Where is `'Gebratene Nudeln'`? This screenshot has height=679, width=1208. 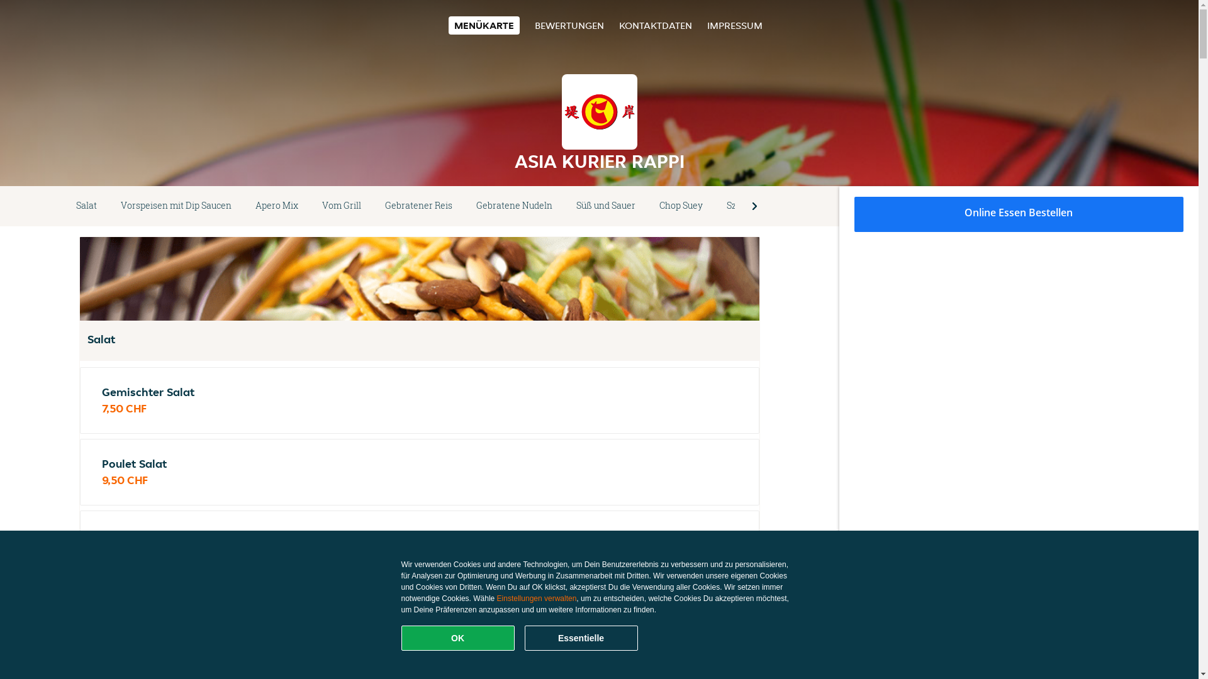 'Gebratene Nudeln' is located at coordinates (464, 205).